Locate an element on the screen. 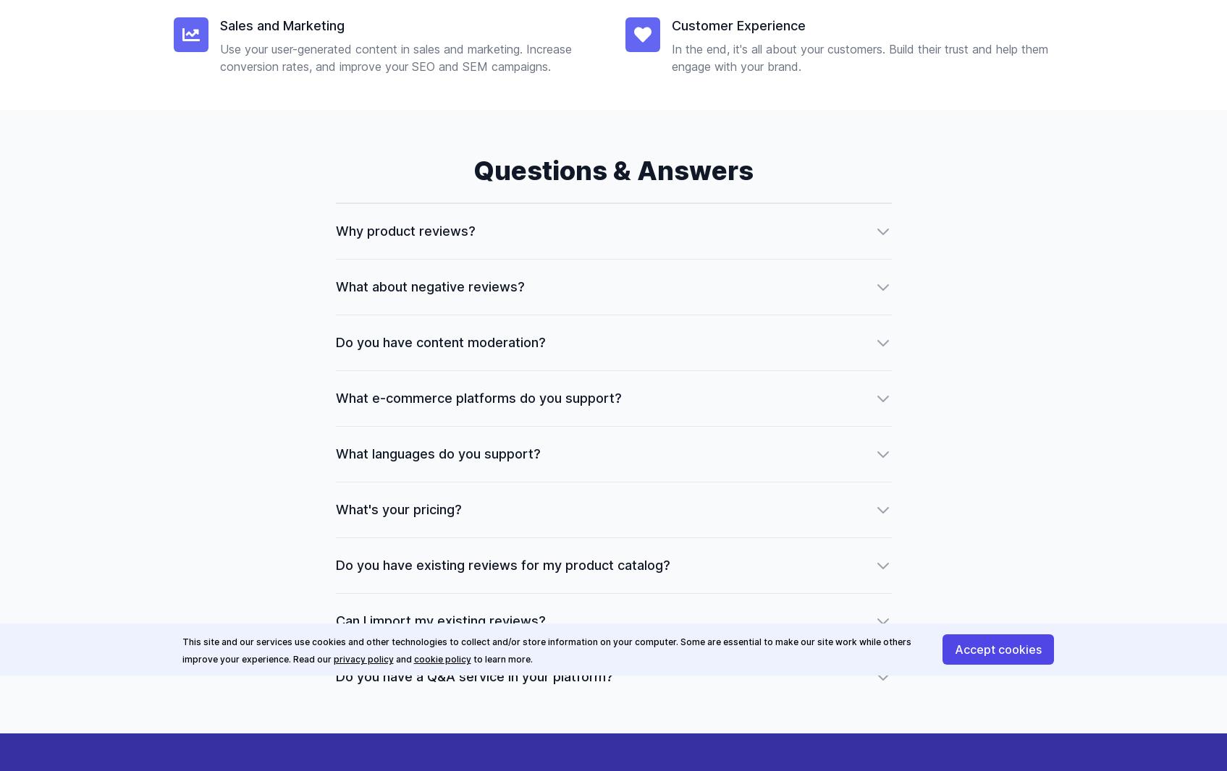  'Customer Experience' is located at coordinates (670, 25).